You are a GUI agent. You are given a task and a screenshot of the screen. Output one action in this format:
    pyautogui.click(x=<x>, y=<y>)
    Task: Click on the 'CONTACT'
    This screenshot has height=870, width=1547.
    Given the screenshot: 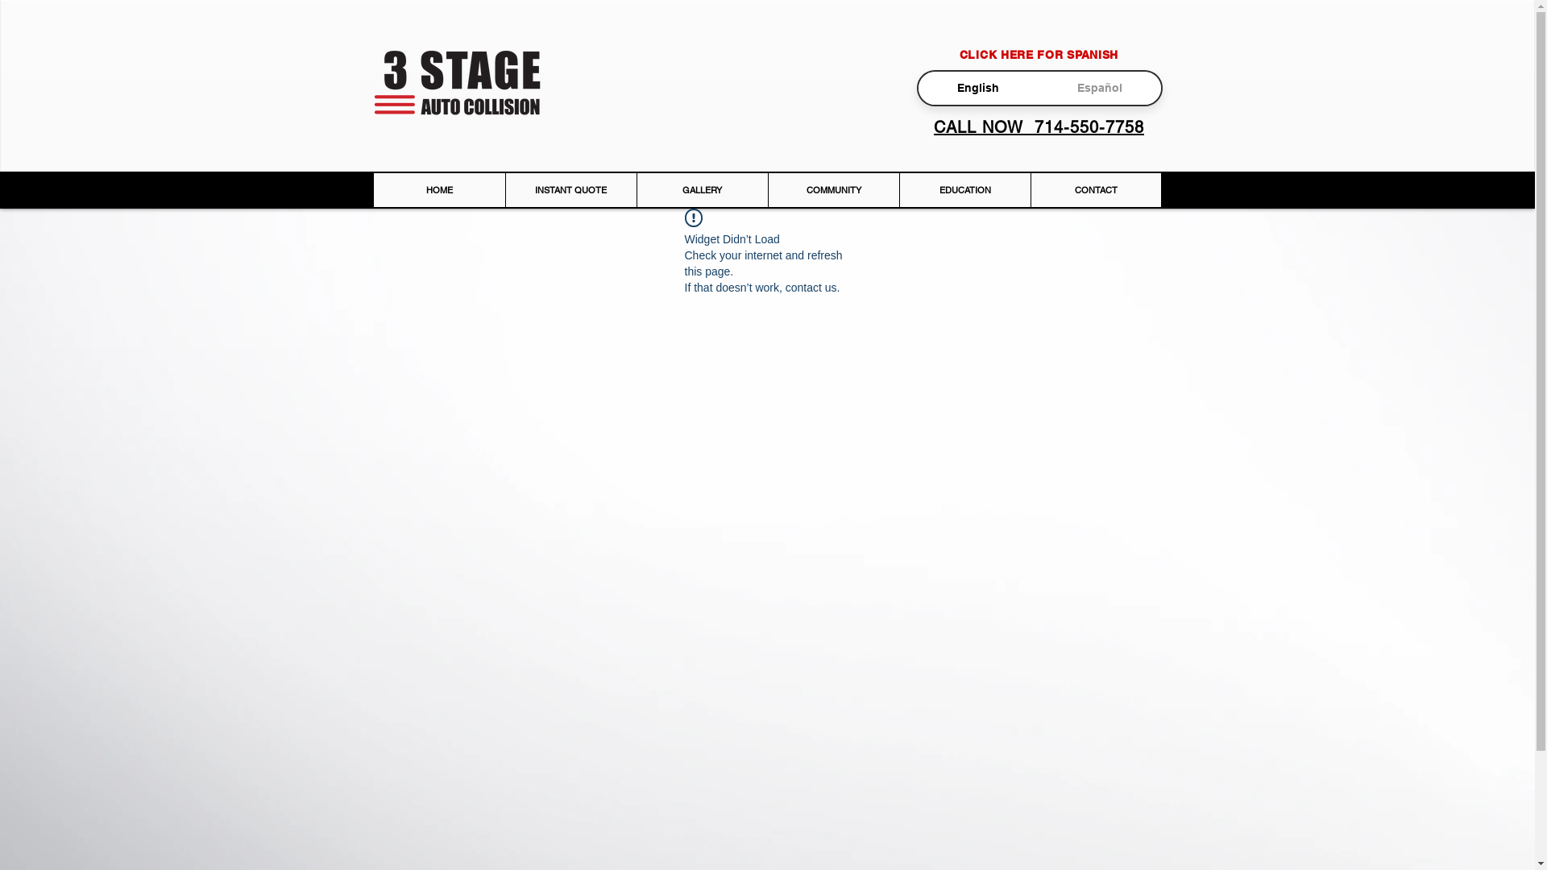 What is the action you would take?
    pyautogui.click(x=1094, y=188)
    